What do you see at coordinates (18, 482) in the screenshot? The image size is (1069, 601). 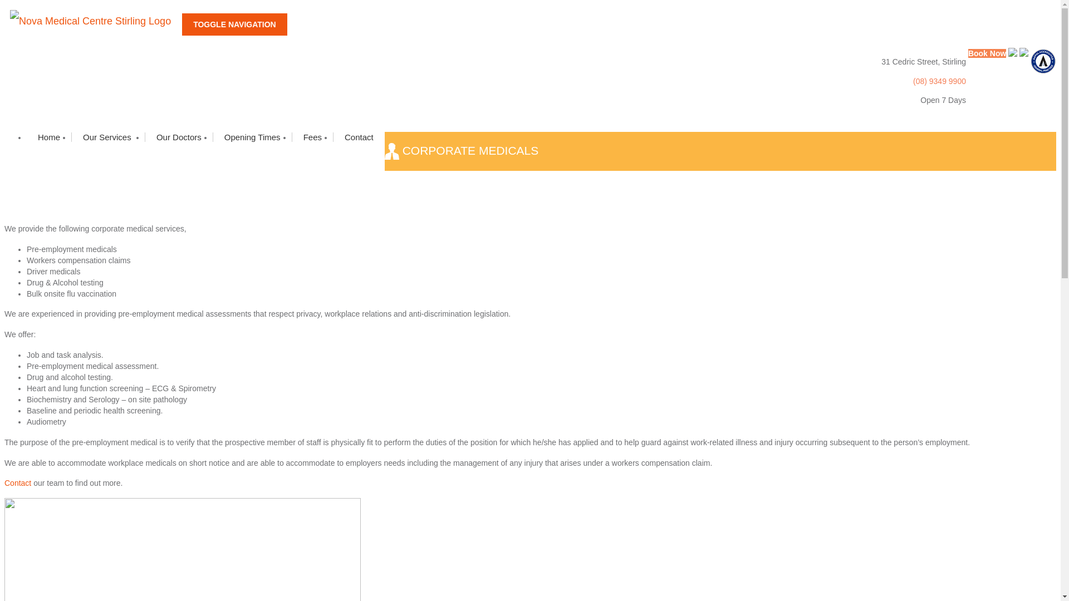 I see `'Contact'` at bounding box center [18, 482].